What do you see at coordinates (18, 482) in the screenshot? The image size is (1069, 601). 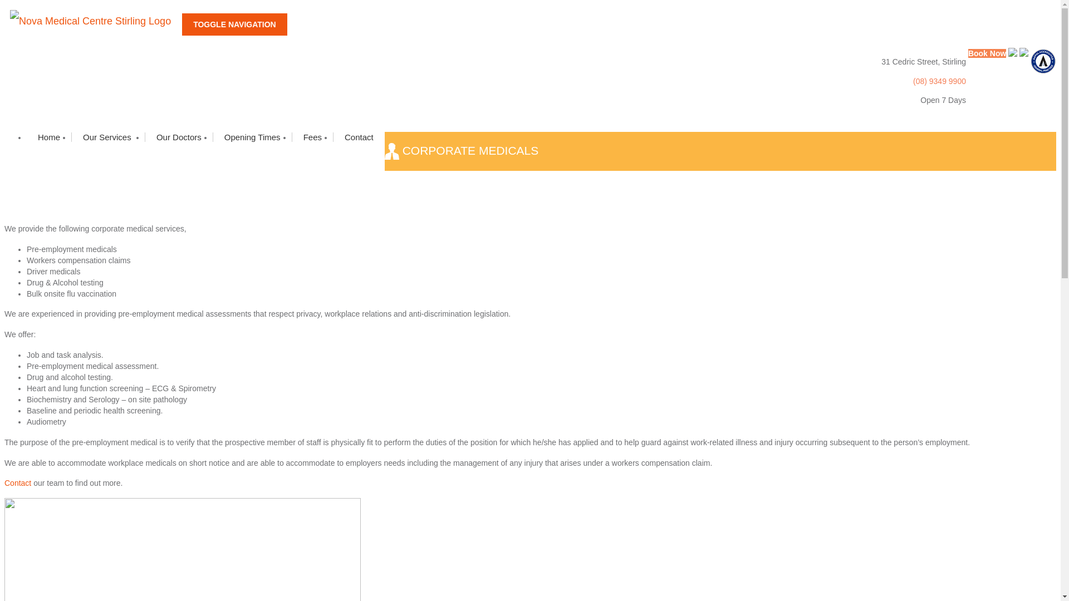 I see `'Contact'` at bounding box center [18, 482].